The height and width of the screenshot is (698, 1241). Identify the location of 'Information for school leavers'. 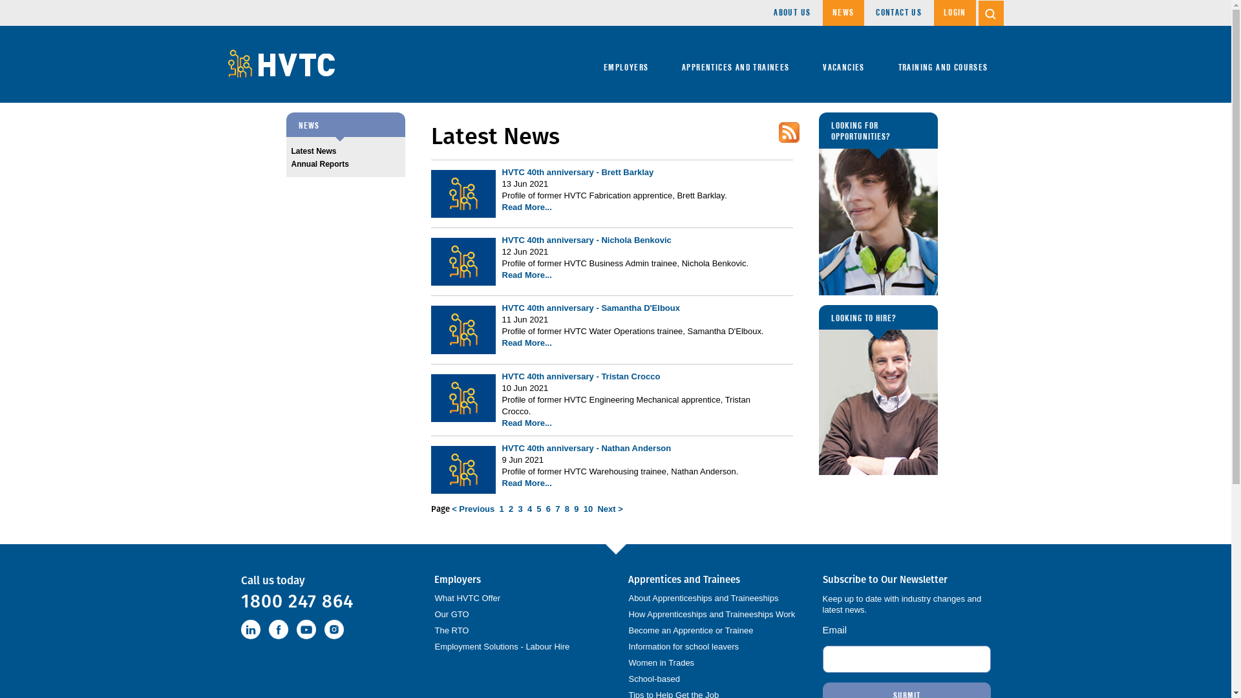
(683, 646).